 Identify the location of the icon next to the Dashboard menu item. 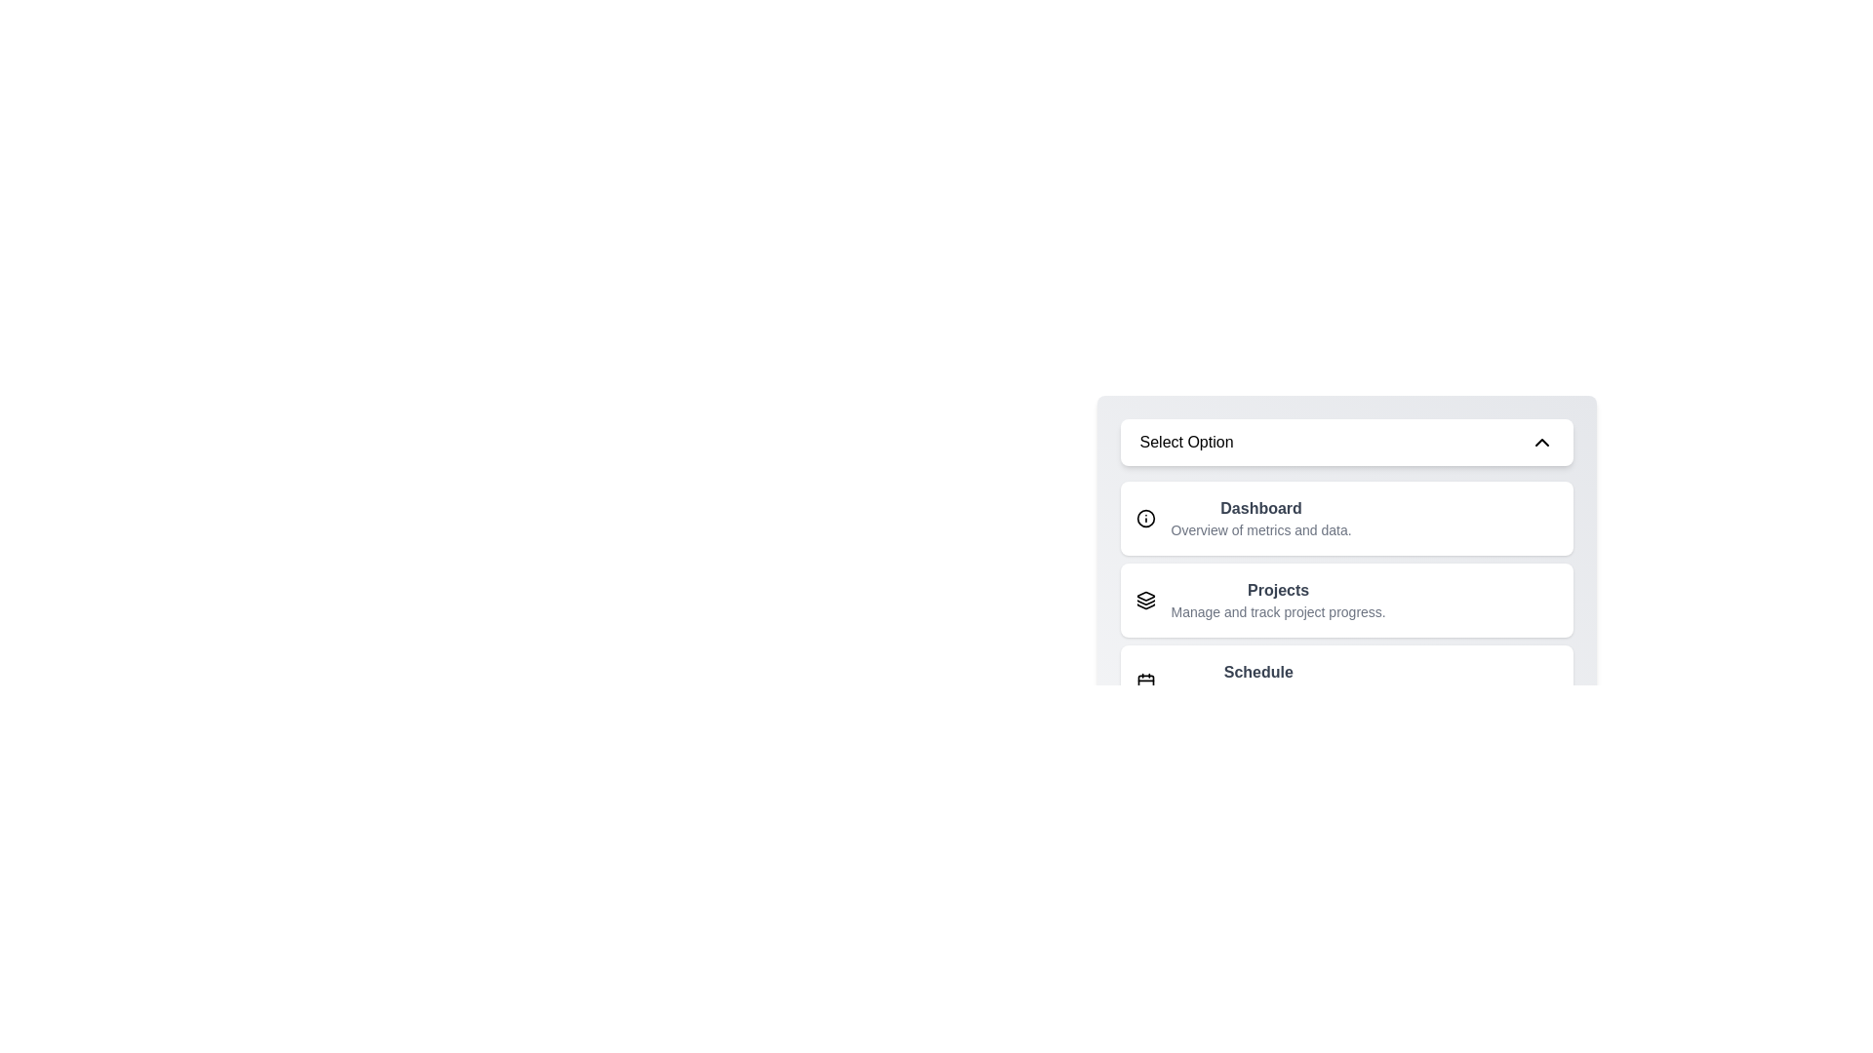
(1145, 518).